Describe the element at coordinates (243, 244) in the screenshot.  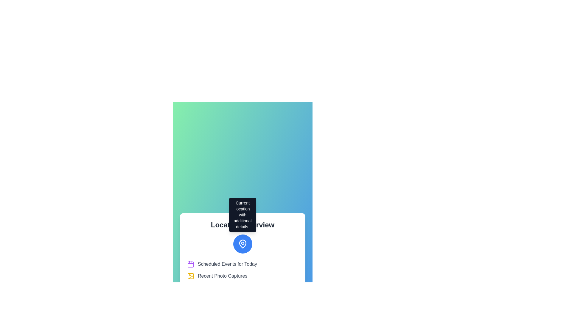
I see `the blue circular icon button with a white map pin icon, located below the 'Location Overview' title` at that location.